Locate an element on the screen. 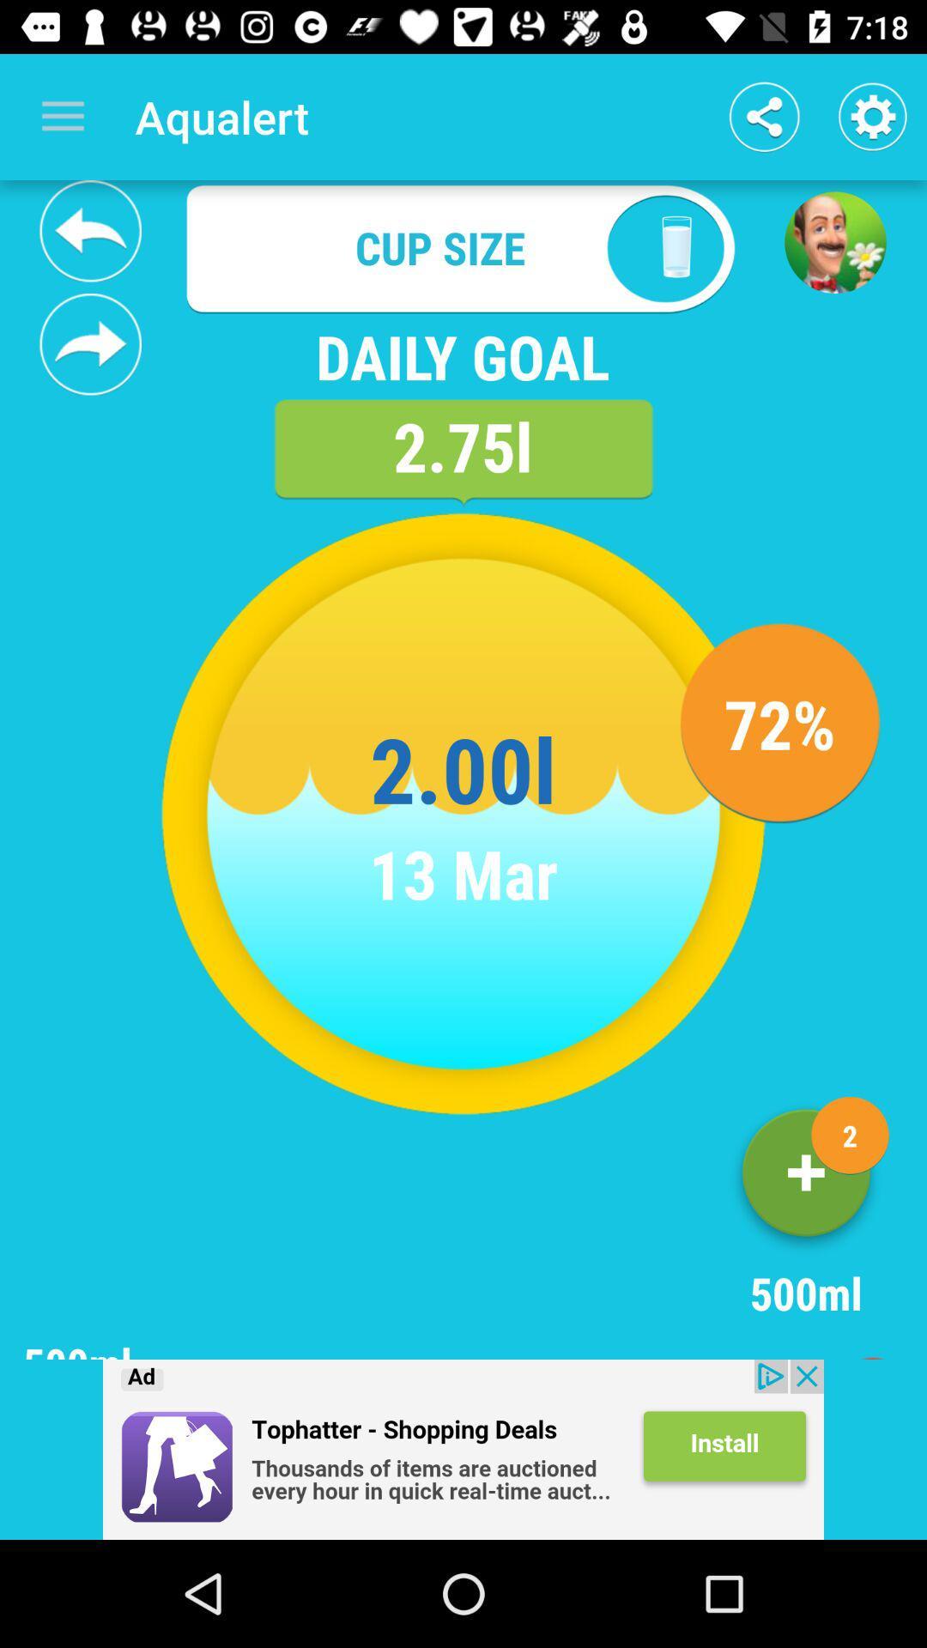 This screenshot has height=1648, width=927. exit page is located at coordinates (884, 1346).